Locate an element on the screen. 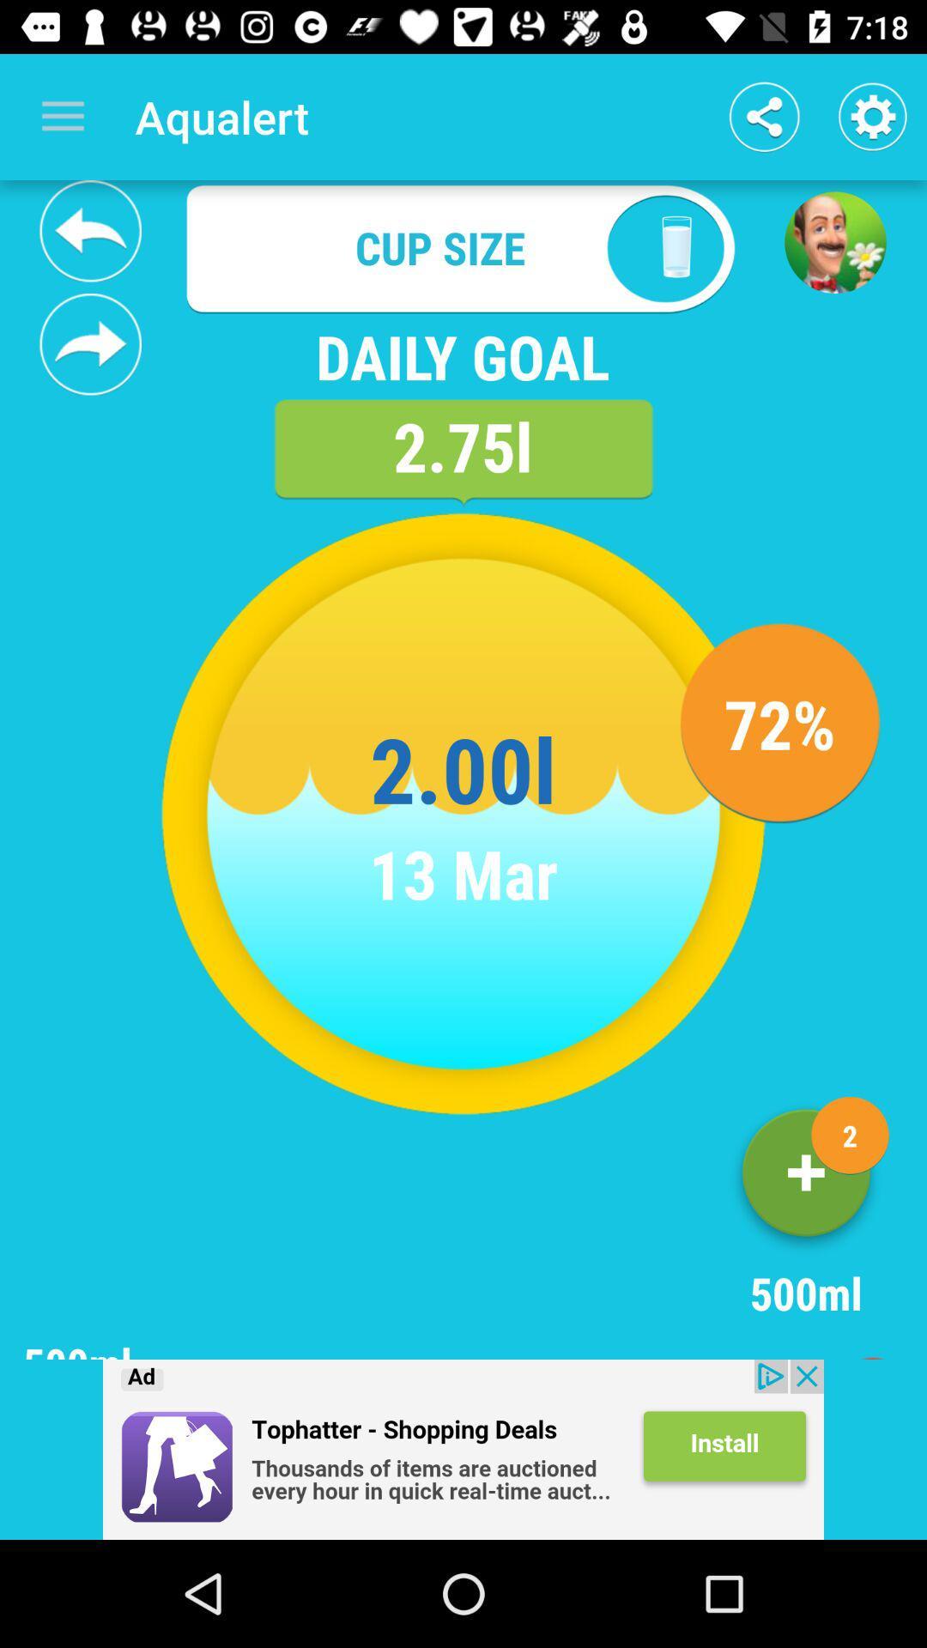 This screenshot has height=1648, width=927. exit page is located at coordinates (884, 1346).